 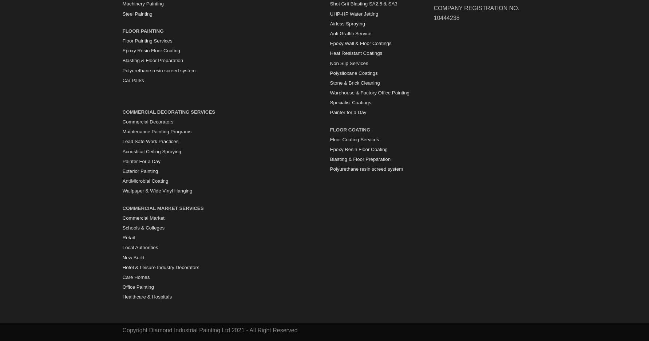 What do you see at coordinates (369, 92) in the screenshot?
I see `'Warehouse & Factory Office Painting'` at bounding box center [369, 92].